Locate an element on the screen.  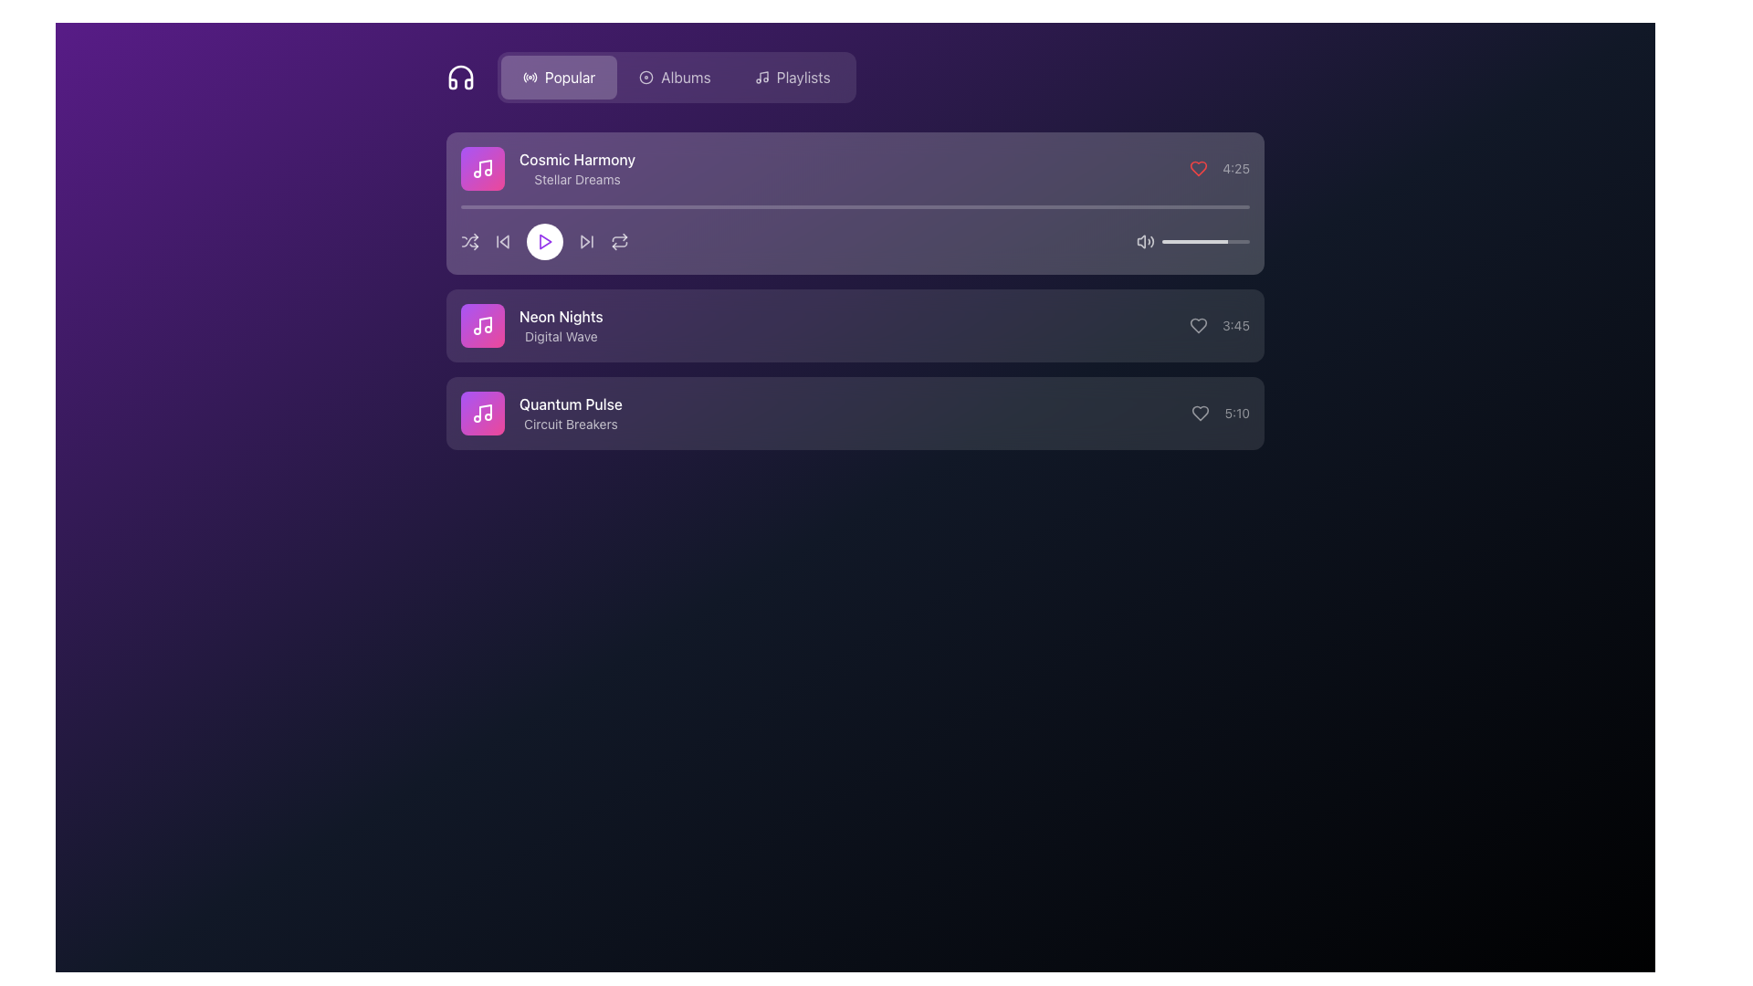
the 'Albums' text-based navigation item in the top-center navigation bar is located at coordinates (685, 76).